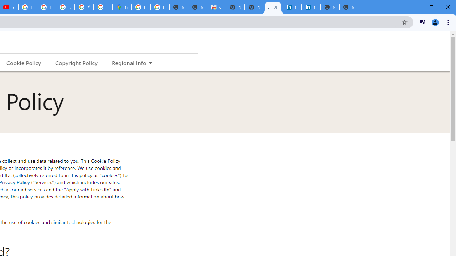 The image size is (456, 256). What do you see at coordinates (24, 62) in the screenshot?
I see `'Cookie Policy'` at bounding box center [24, 62].